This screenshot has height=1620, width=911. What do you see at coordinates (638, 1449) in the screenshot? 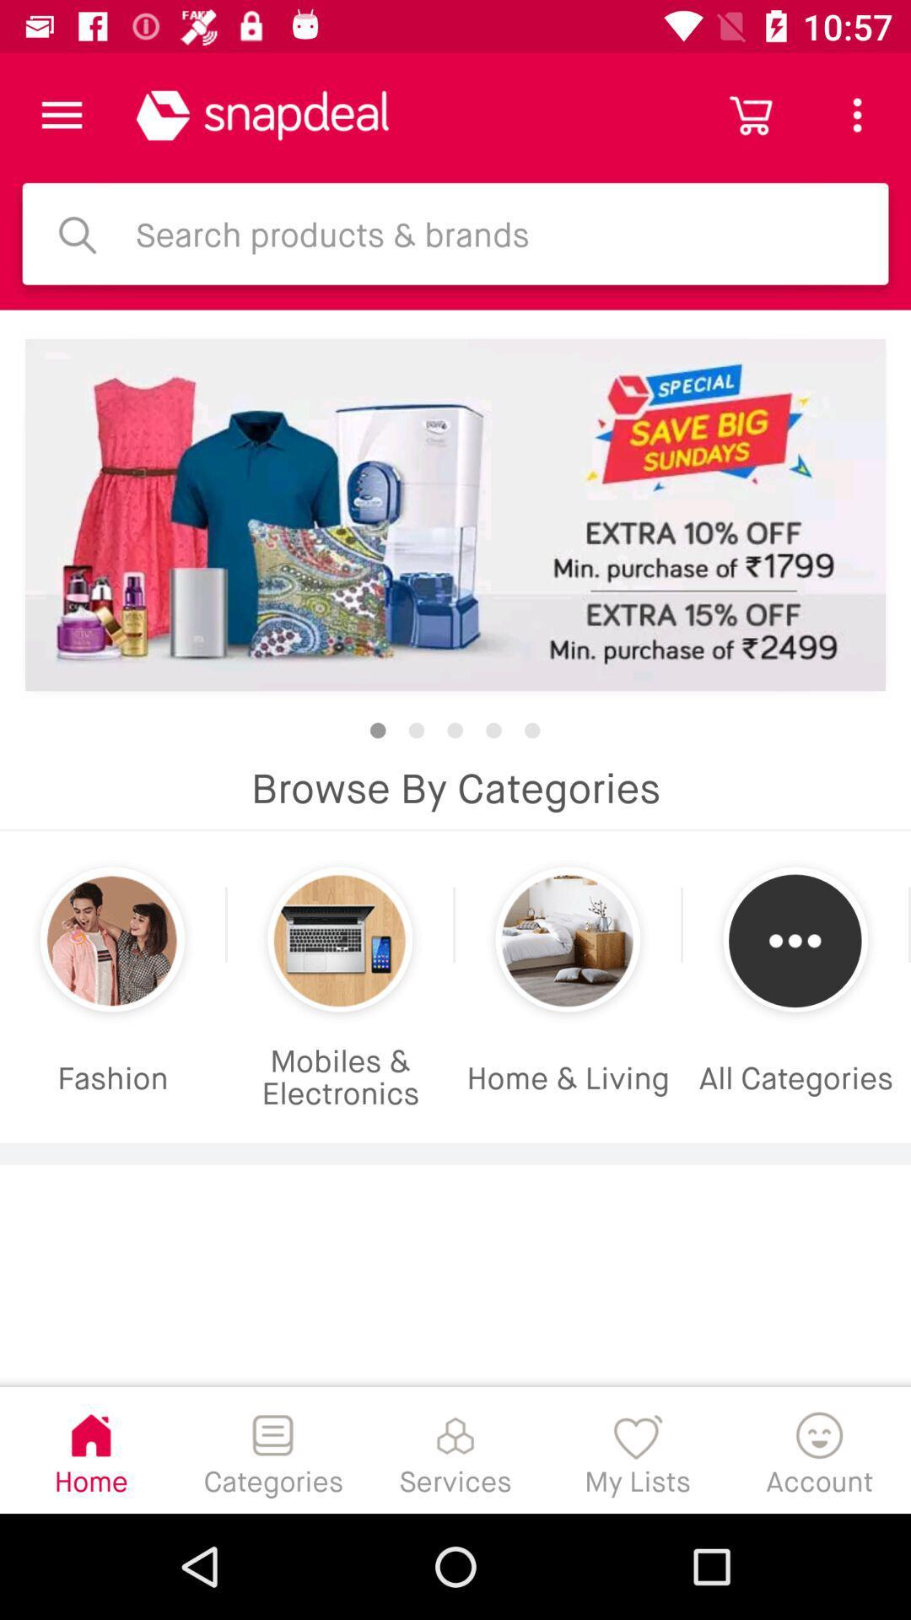
I see `icon next to account` at bounding box center [638, 1449].